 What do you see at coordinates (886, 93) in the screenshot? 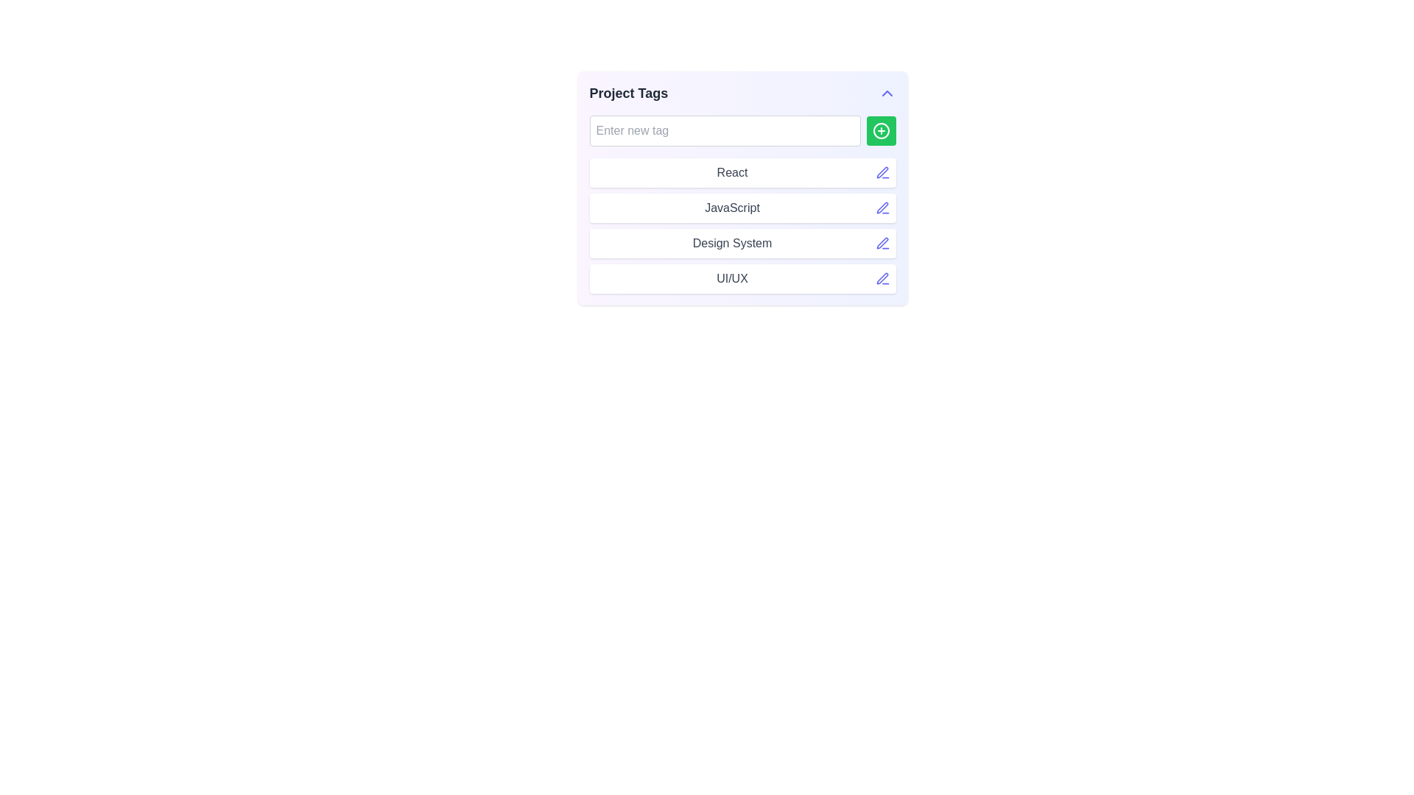
I see `the upward-pointing chevron icon in the top right corner of the 'Project Tags' card` at bounding box center [886, 93].